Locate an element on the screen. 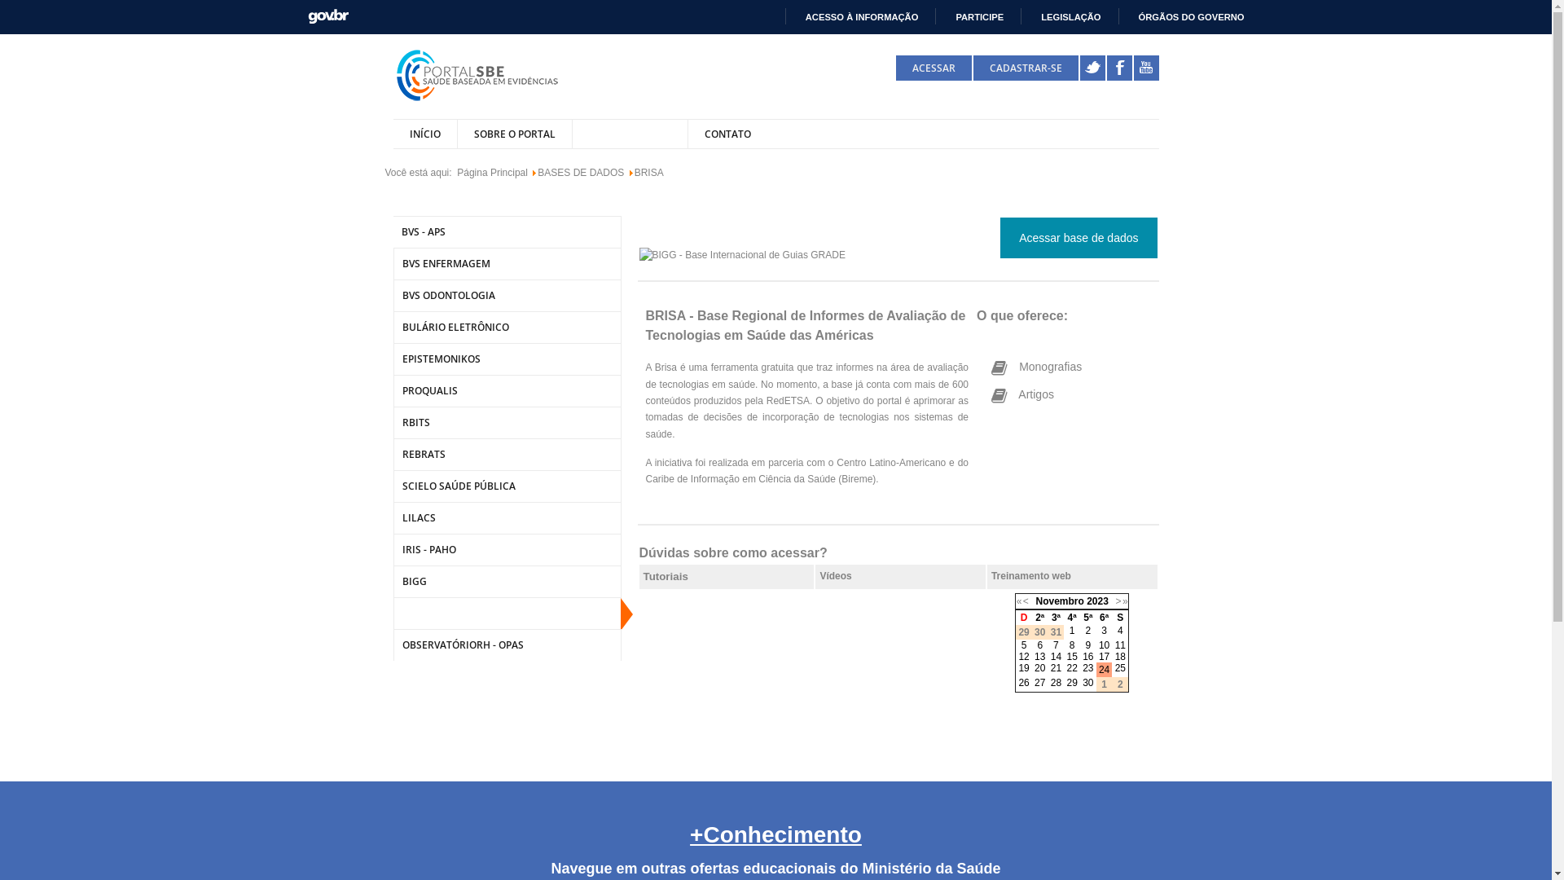  'Facebook' is located at coordinates (1118, 67).